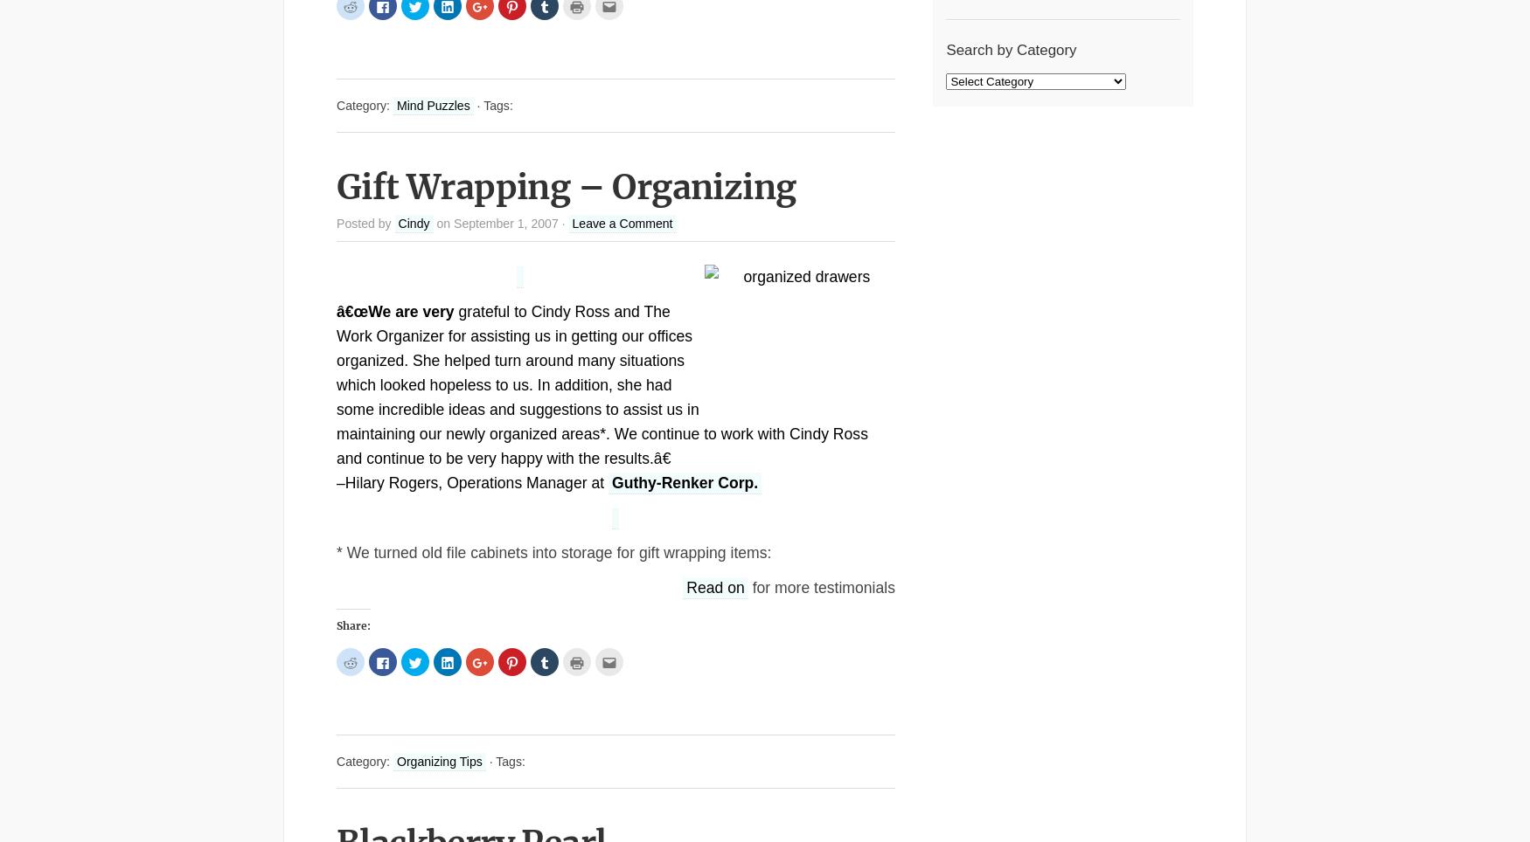  I want to click on 'Hilary Rogers, Operations Manager at', so click(475, 483).